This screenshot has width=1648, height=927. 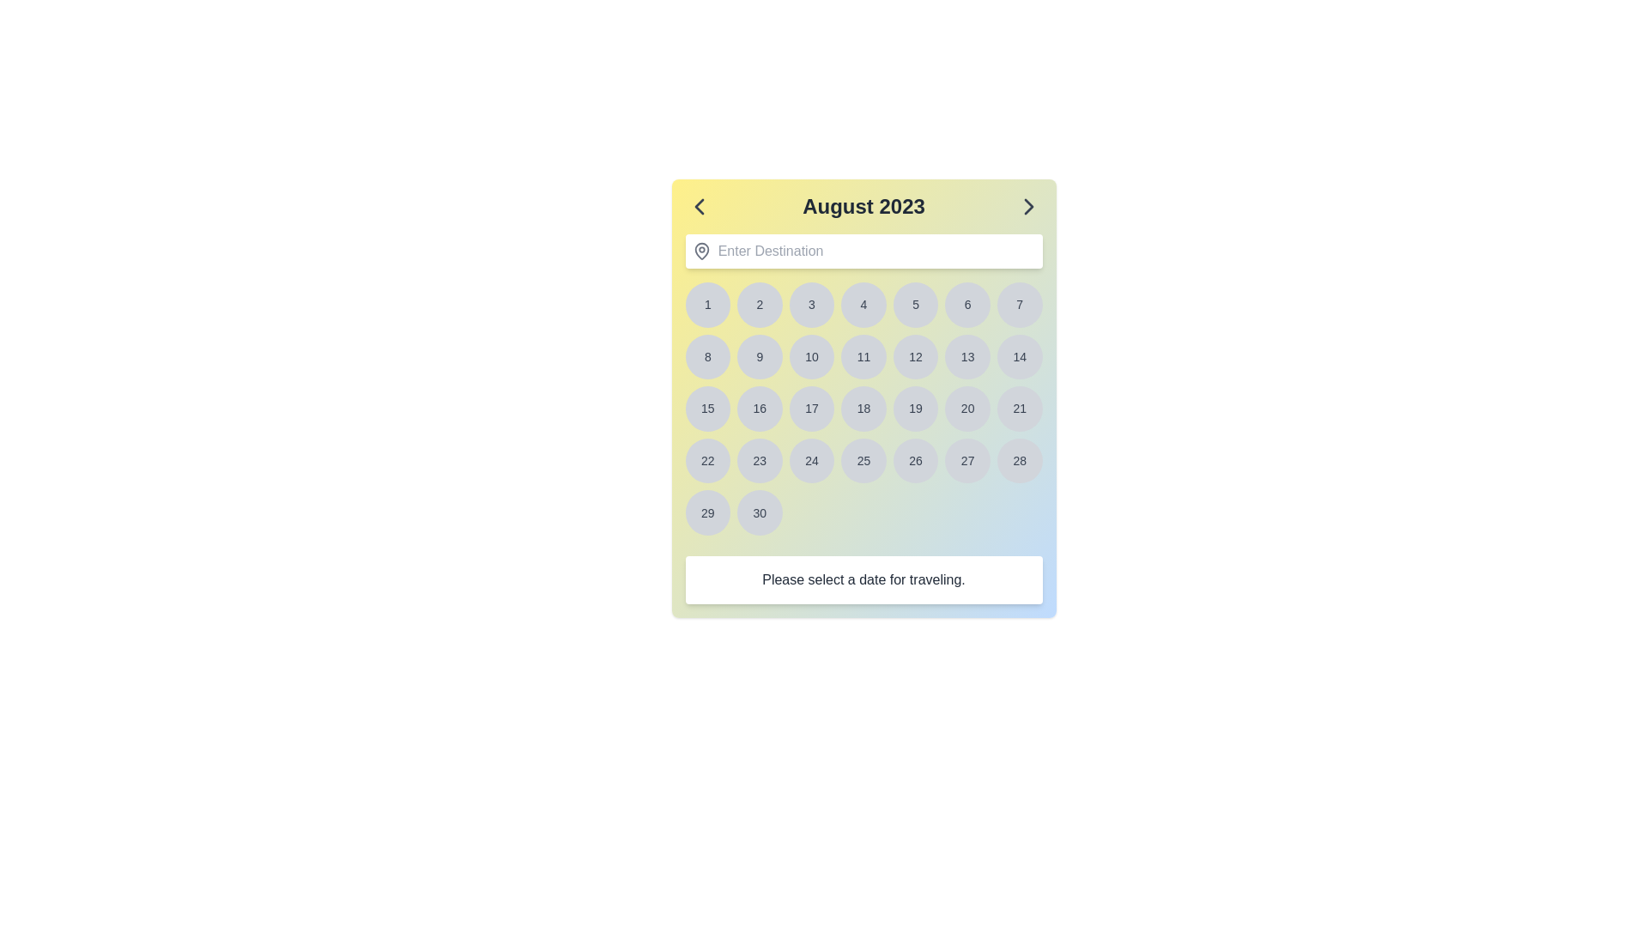 I want to click on the chevron icon, which is a small right-pointing arrow located at the top-right corner of the interface, so click(x=1028, y=205).